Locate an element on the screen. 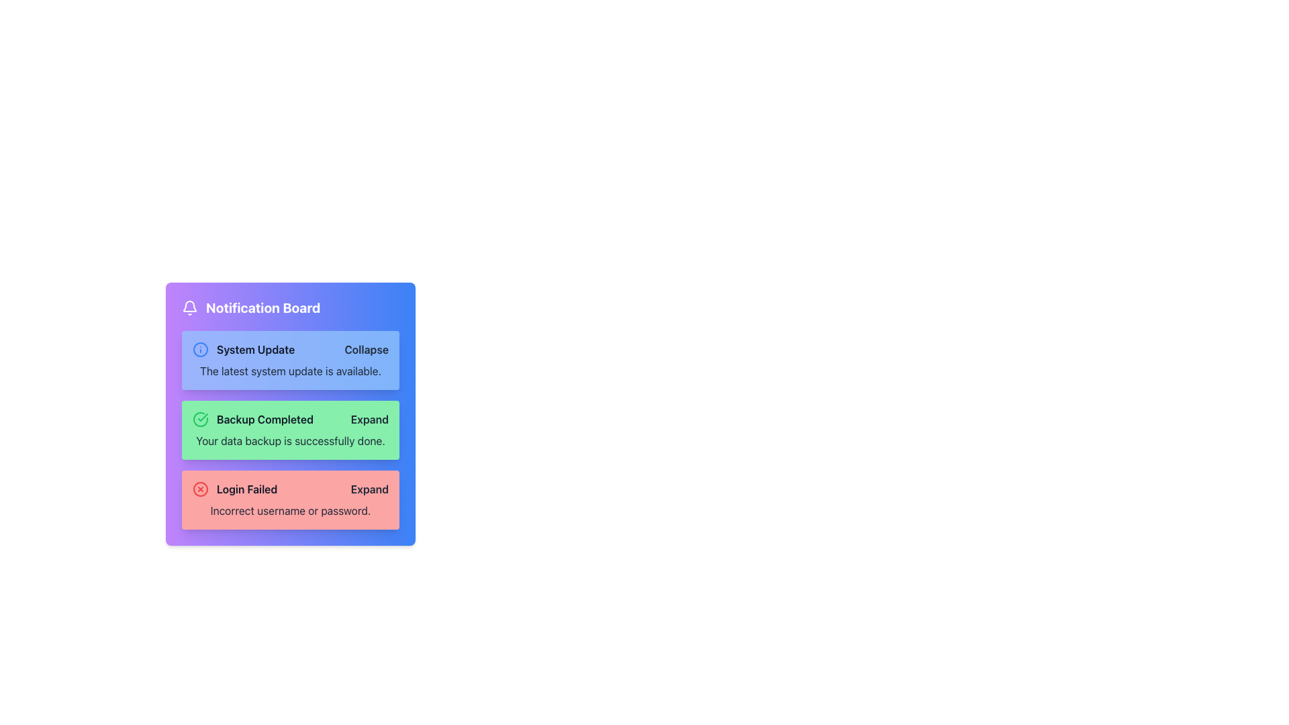  error message from the Notification Card that appears after a login failure, positioned as the third notification in the Notification Board is located at coordinates (289, 499).